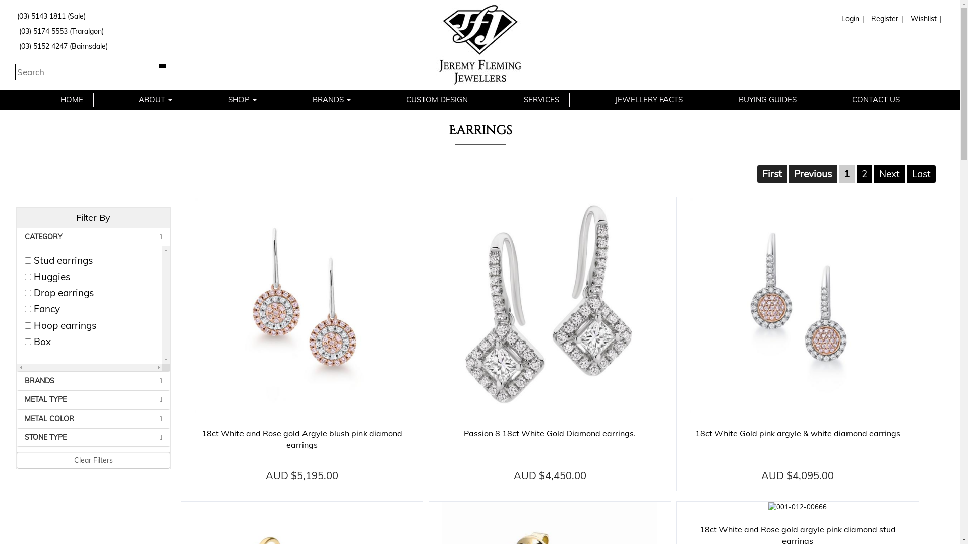 The width and height of the screenshot is (968, 544). Describe the element at coordinates (849, 19) in the screenshot. I see `'Login'` at that location.